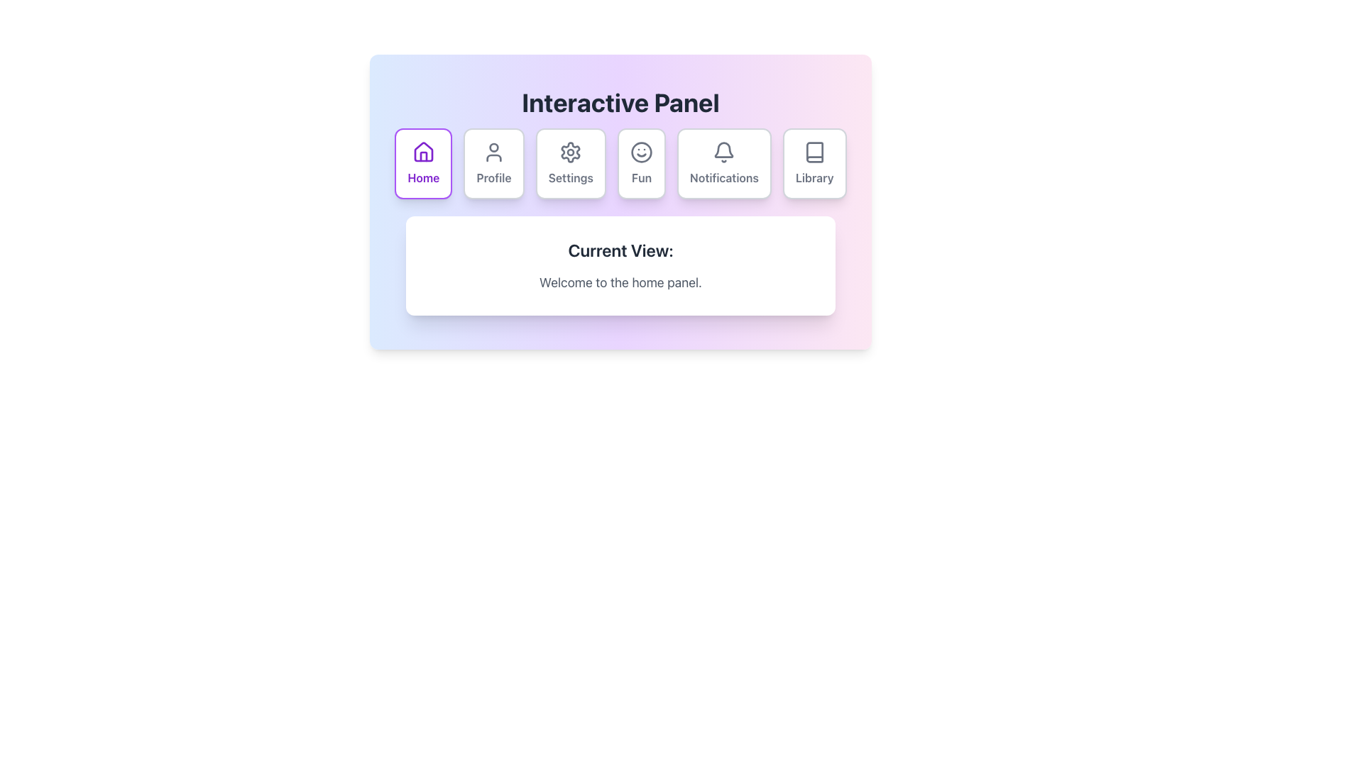 The width and height of the screenshot is (1363, 766). Describe the element at coordinates (494, 152) in the screenshot. I see `the simplistic user figure icon within the 'Profile' button, which is the second button from the left in the row of interactive buttons at the top of the interface` at that location.